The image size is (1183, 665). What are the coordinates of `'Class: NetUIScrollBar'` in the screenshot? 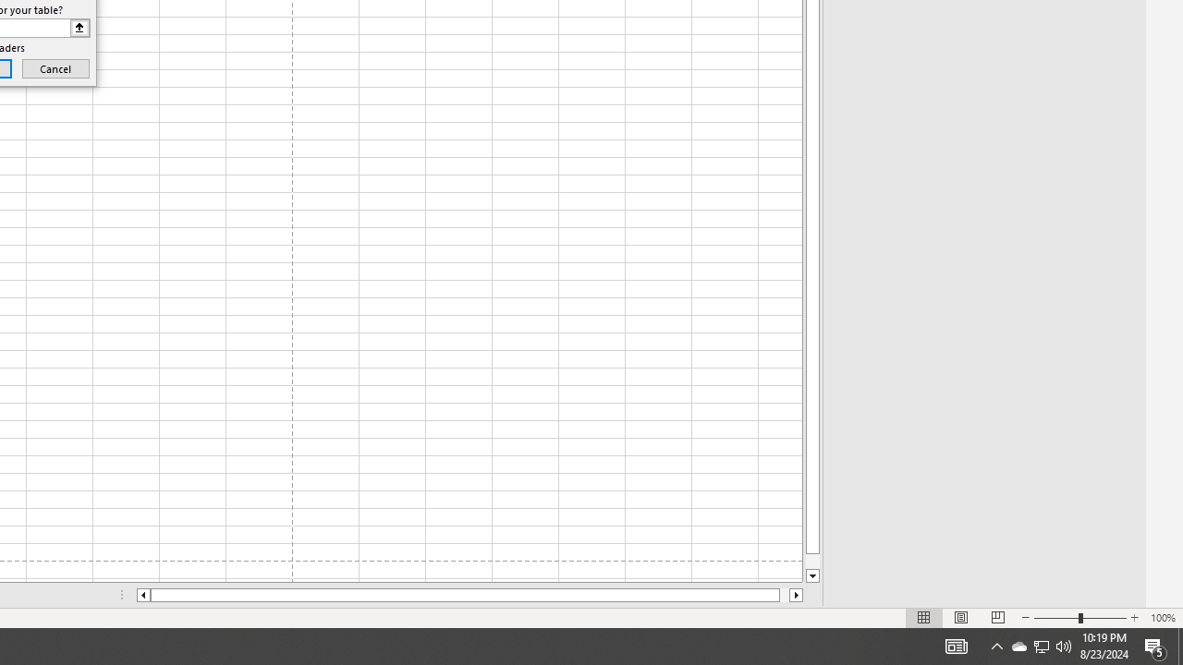 It's located at (470, 595).